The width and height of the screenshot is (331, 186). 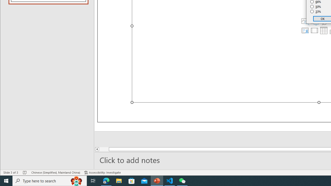 What do you see at coordinates (315, 12) in the screenshot?
I see `'33%'` at bounding box center [315, 12].